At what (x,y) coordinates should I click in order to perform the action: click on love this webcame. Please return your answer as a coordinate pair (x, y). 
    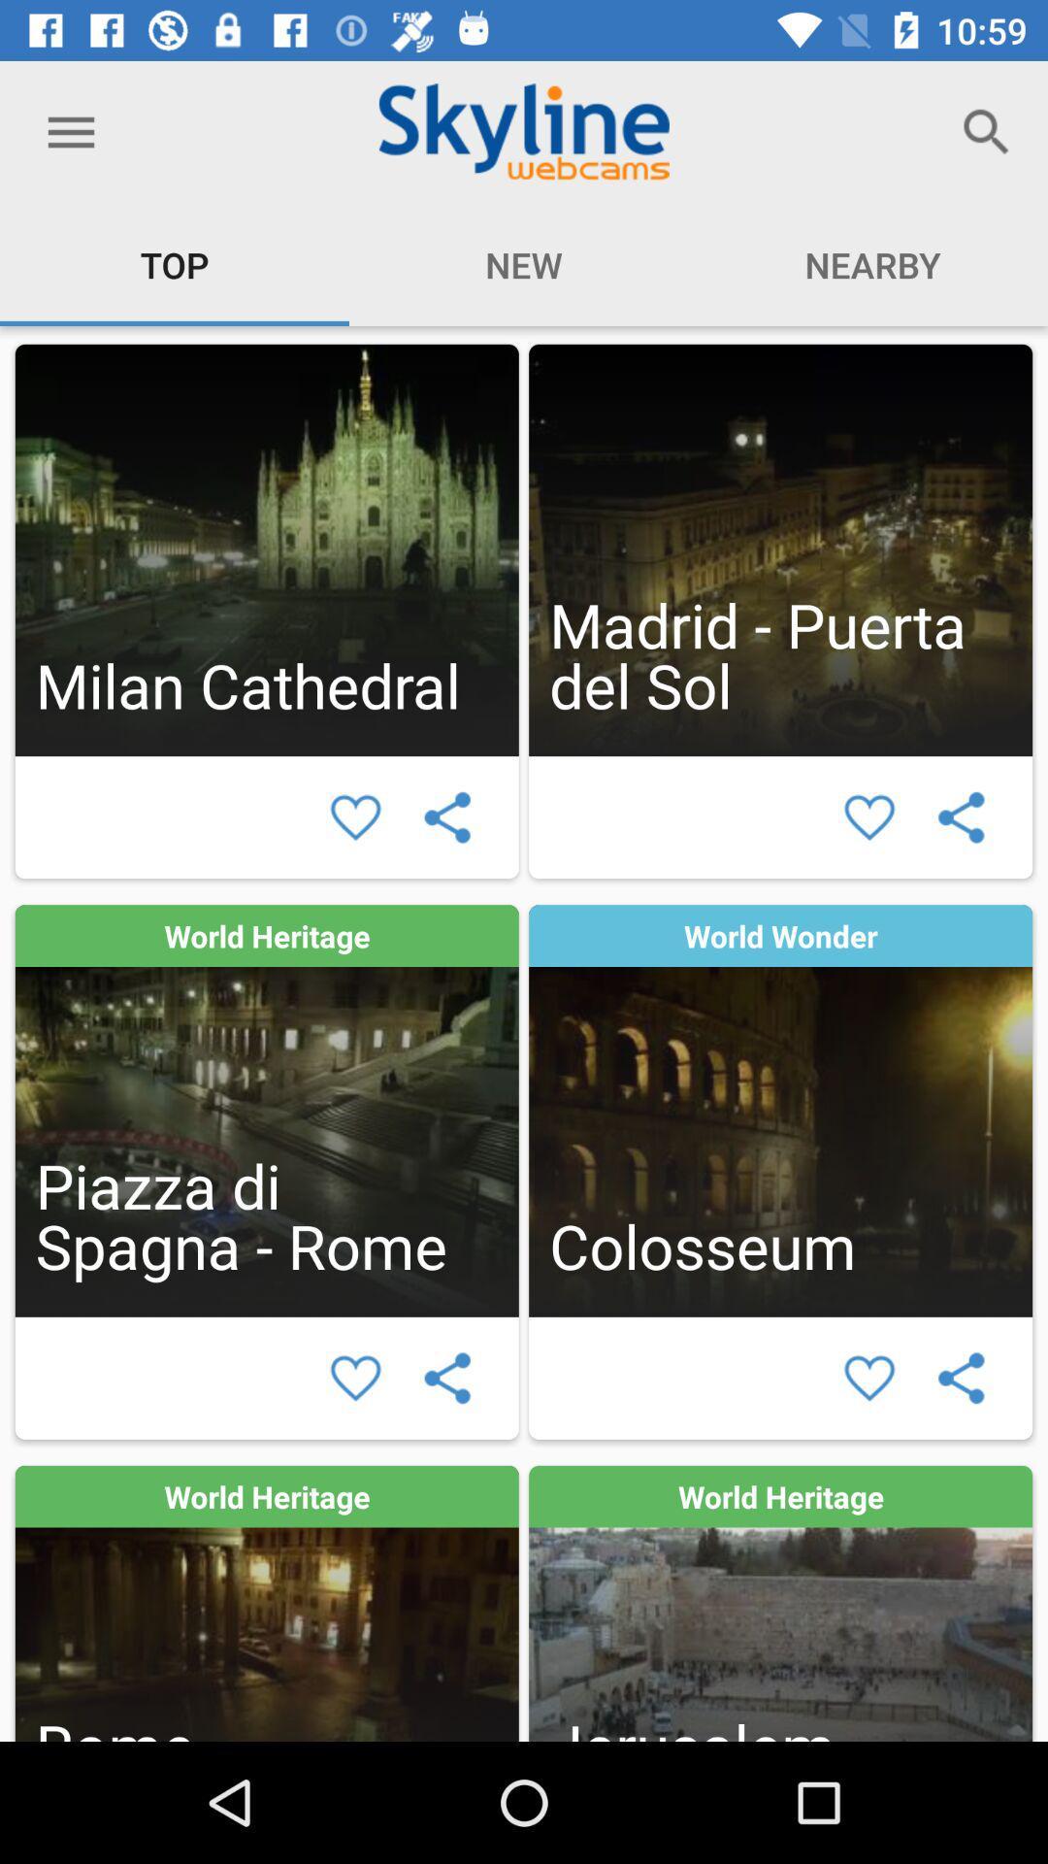
    Looking at the image, I should click on (868, 1377).